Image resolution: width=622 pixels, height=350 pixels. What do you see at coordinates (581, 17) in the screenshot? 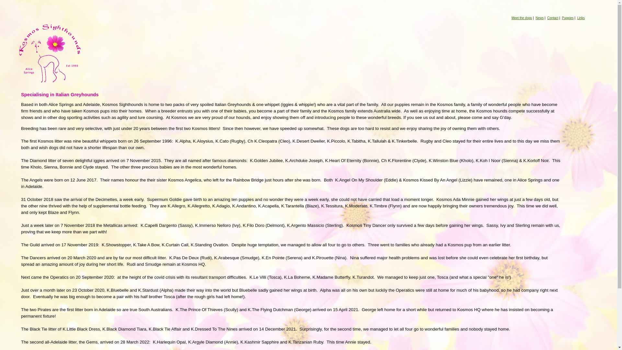
I see `'Links'` at bounding box center [581, 17].